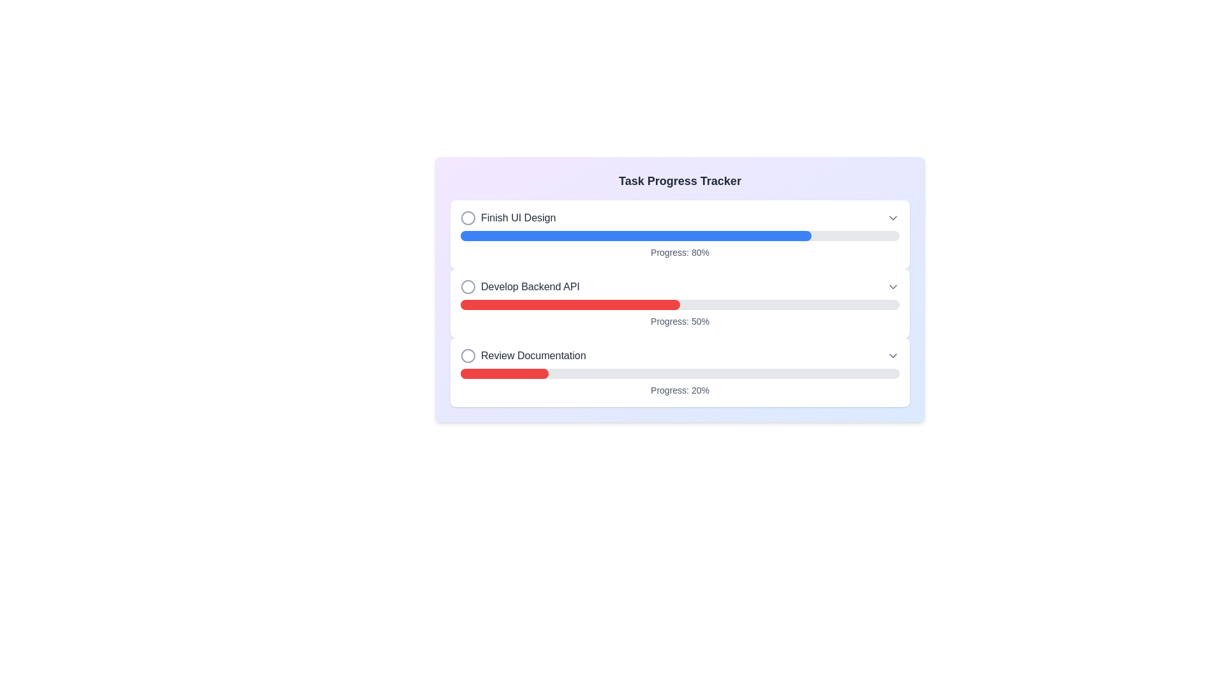 The image size is (1225, 689). I want to click on the Task Progress Indicator displaying 'Finish UI Design' with a blue progress bar indicating 80% completion, so click(679, 234).